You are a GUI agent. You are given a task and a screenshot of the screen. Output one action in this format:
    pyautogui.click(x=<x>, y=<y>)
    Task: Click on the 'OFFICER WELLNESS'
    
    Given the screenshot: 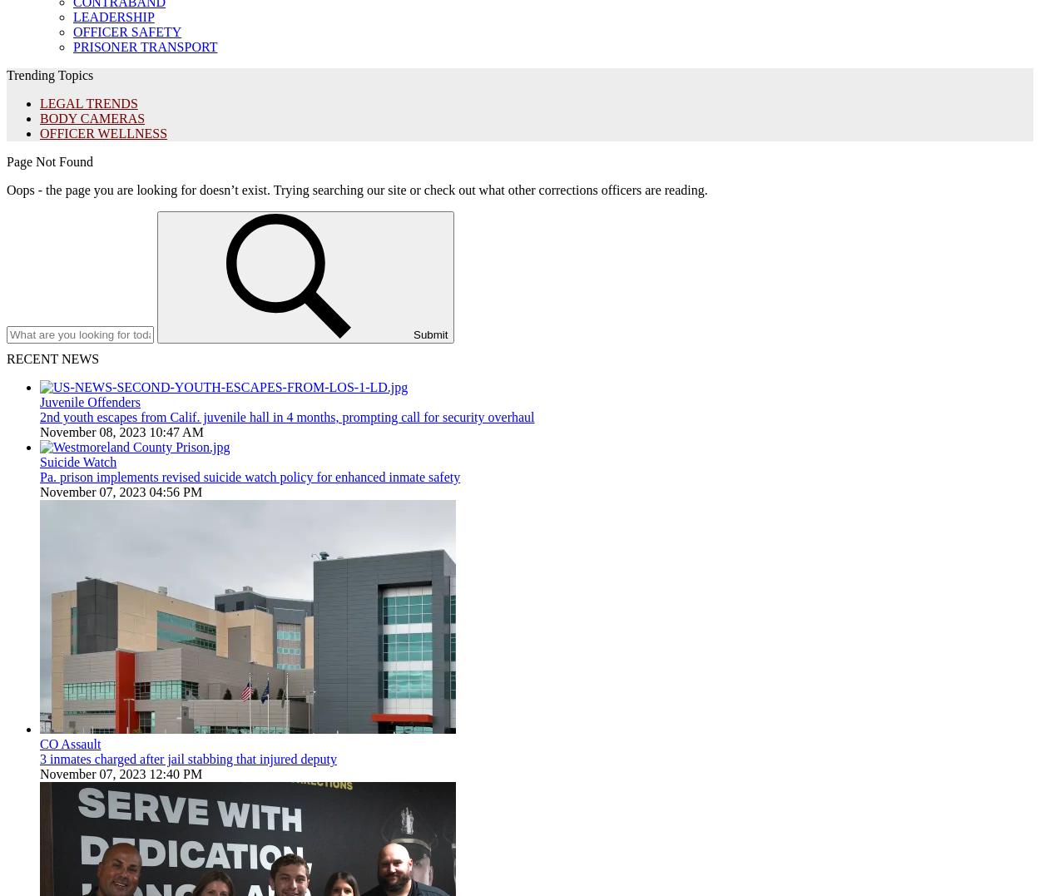 What is the action you would take?
    pyautogui.click(x=102, y=133)
    